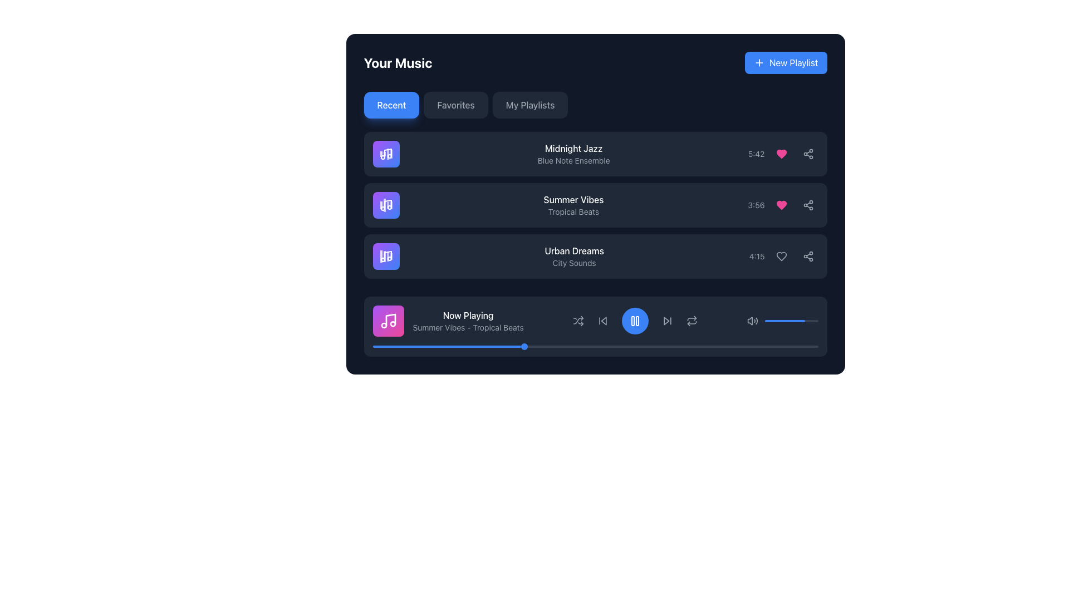 The width and height of the screenshot is (1069, 601). What do you see at coordinates (635, 321) in the screenshot?
I see `the circular blue button with a white pause icon located in the media control section, the fourth button from the left, to observe visual feedback indicating interaction` at bounding box center [635, 321].